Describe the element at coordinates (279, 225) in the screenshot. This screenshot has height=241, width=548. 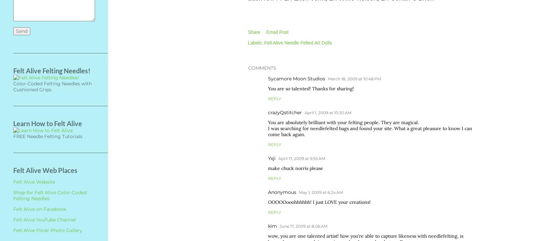
I see `'June 17, 2009 at 8:06 AM'` at that location.